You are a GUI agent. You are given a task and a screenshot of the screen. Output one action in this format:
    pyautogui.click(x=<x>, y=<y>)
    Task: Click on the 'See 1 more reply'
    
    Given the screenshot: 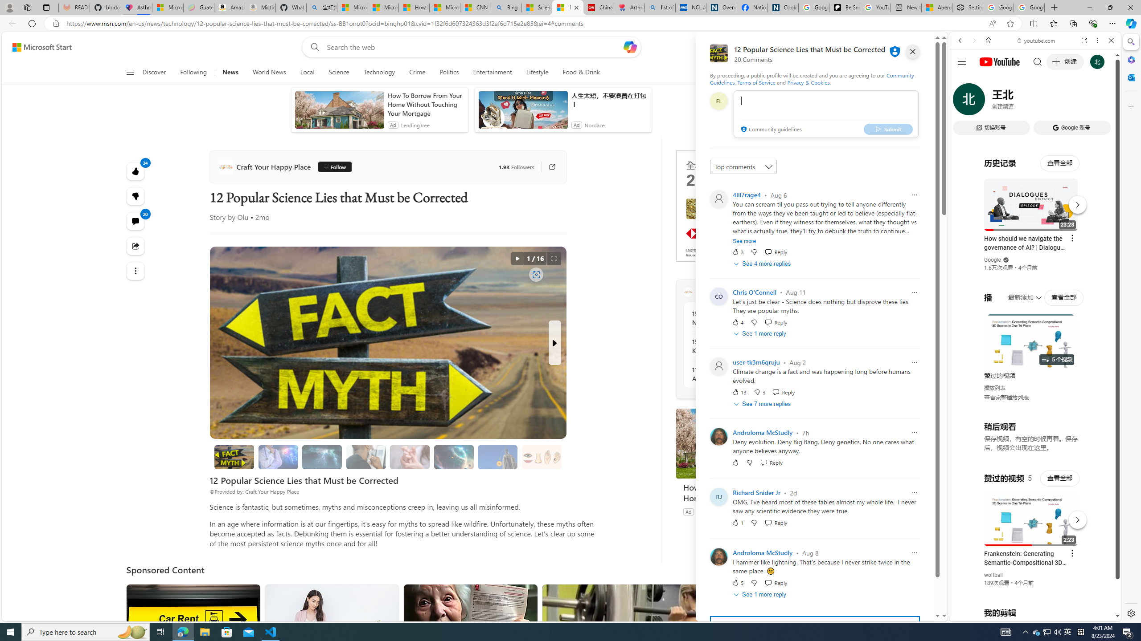 What is the action you would take?
    pyautogui.click(x=761, y=594)
    